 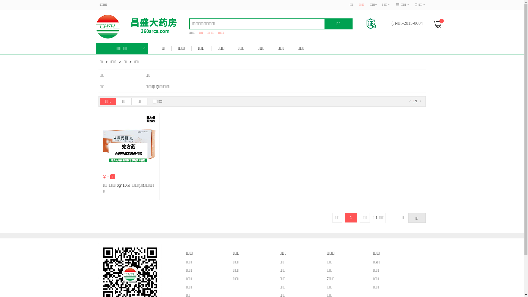 I want to click on '<', so click(x=409, y=101).